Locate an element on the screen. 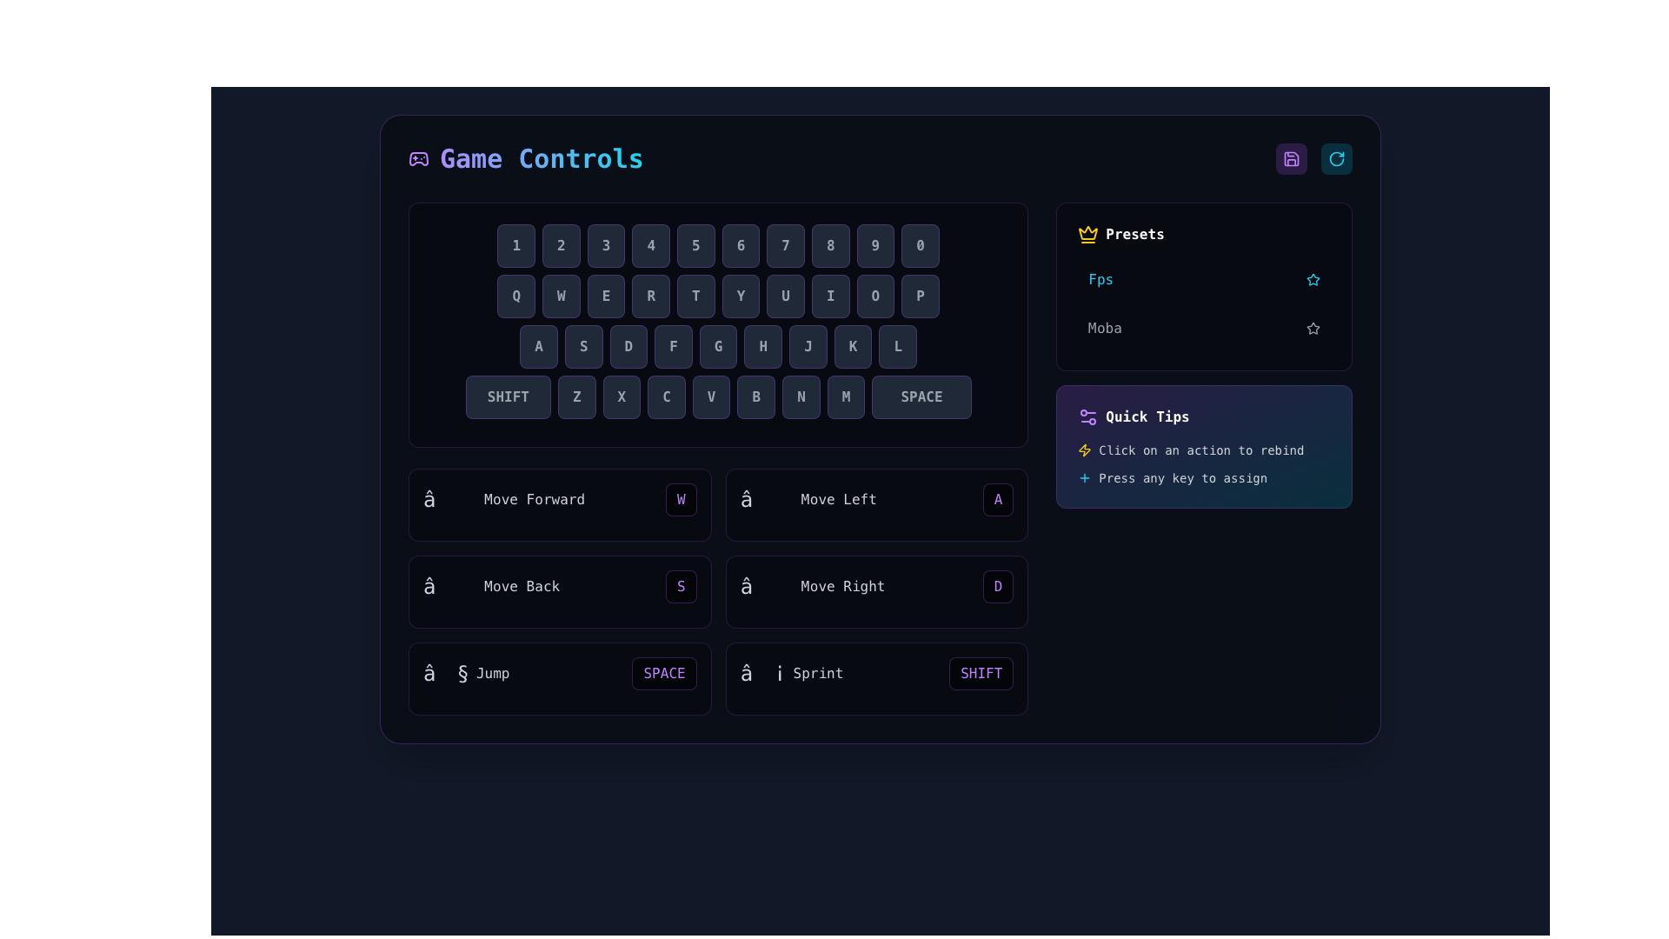  the 'Move Right' button in the Interactive Control Mapping Panel is located at coordinates (876, 591).